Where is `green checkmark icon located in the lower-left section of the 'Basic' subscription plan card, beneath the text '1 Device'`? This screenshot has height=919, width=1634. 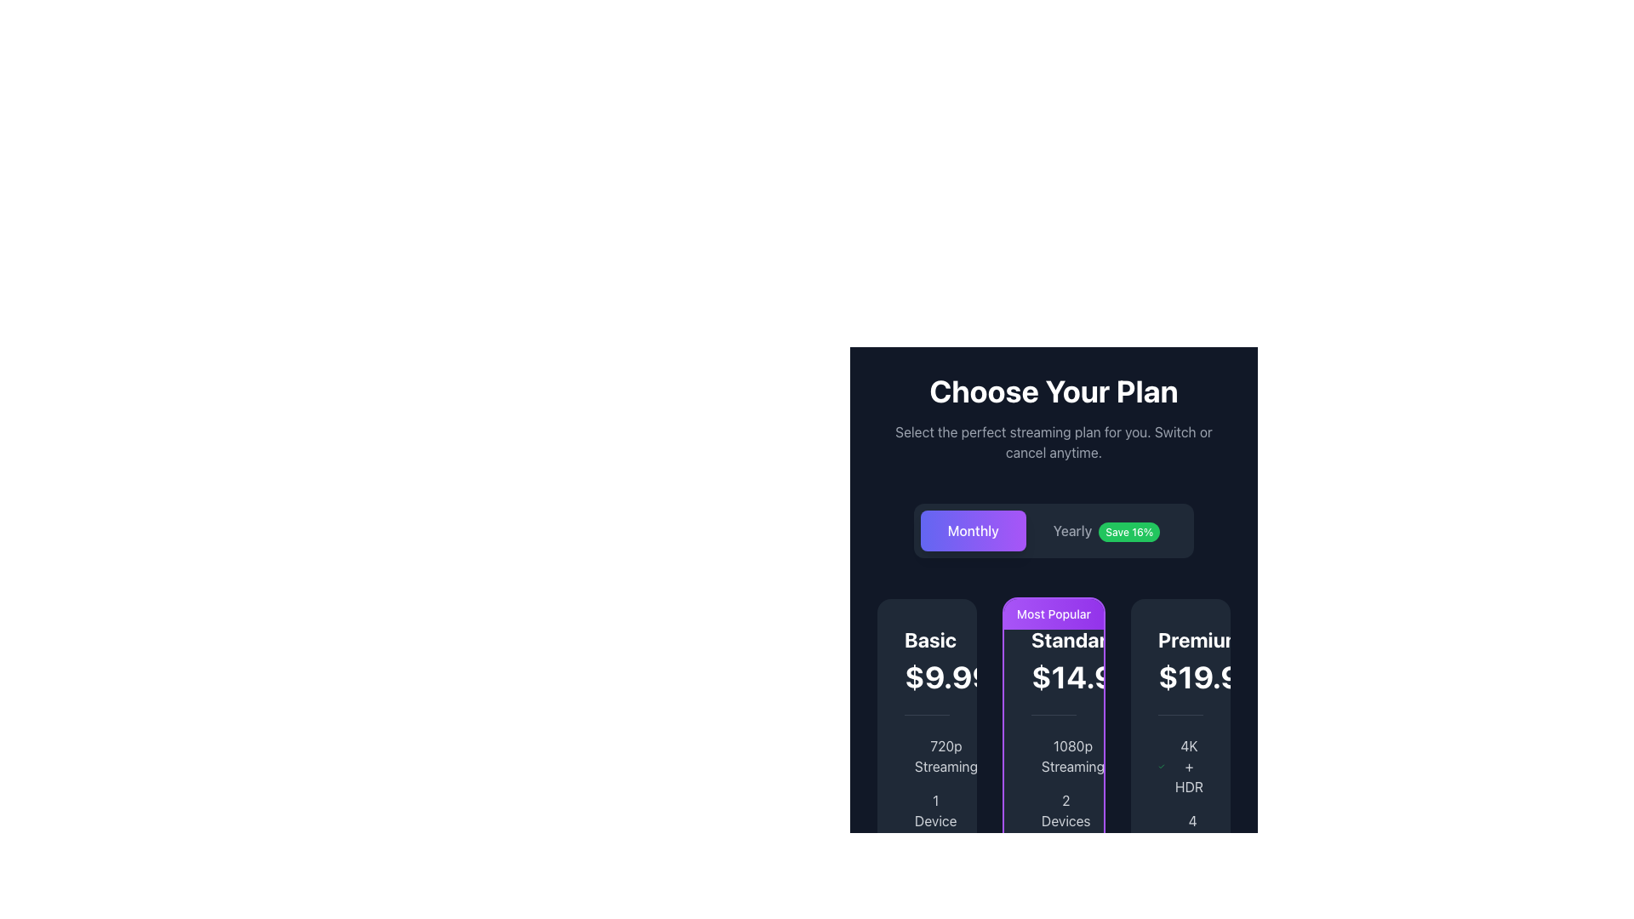 green checkmark icon located in the lower-left section of the 'Basic' subscription plan card, beneath the text '1 Device' is located at coordinates (914, 811).